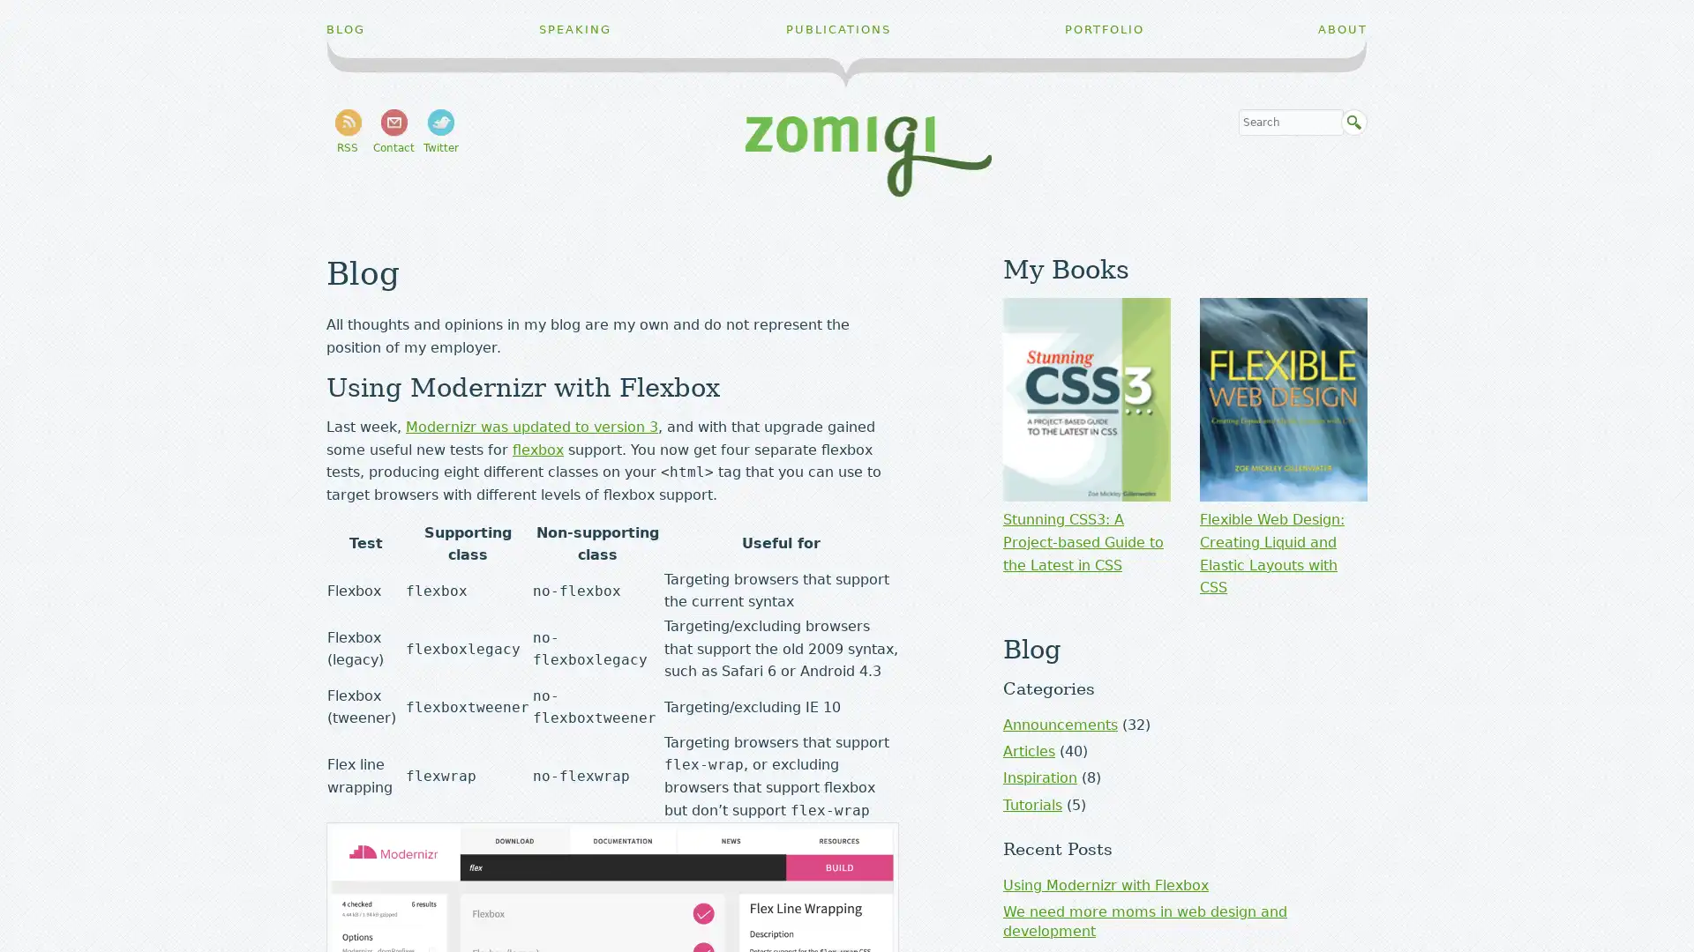 This screenshot has height=952, width=1694. I want to click on search, so click(1353, 123).